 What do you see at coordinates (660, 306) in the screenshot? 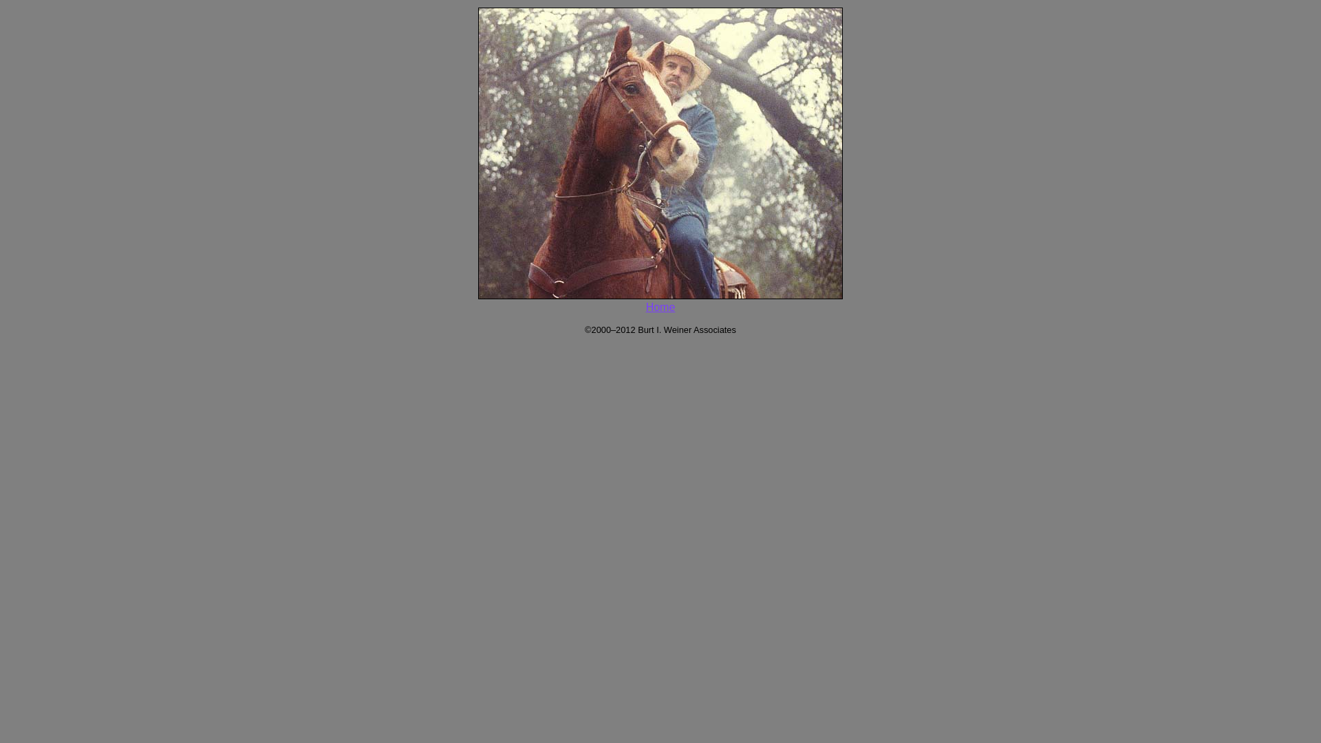
I see `'Home'` at bounding box center [660, 306].